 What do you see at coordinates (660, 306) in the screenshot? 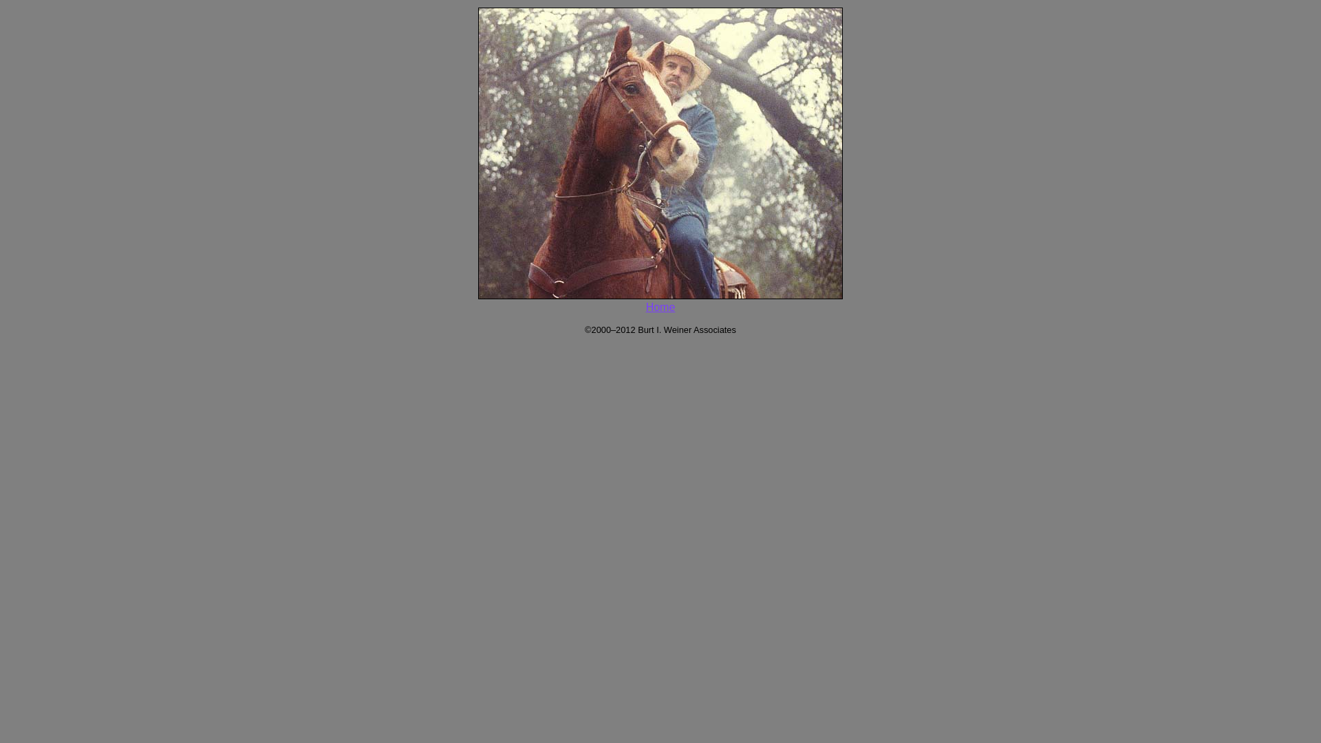
I see `'Home'` at bounding box center [660, 306].